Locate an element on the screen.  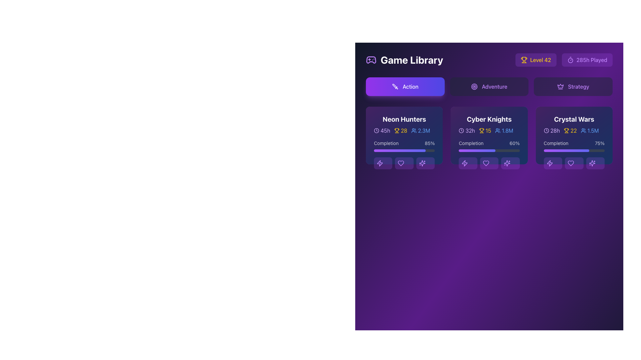
the 'Strategy' button, which is the rightmost button in a horizontal group of three buttons, featuring a purple crown icon and text in purple font is located at coordinates (573, 86).